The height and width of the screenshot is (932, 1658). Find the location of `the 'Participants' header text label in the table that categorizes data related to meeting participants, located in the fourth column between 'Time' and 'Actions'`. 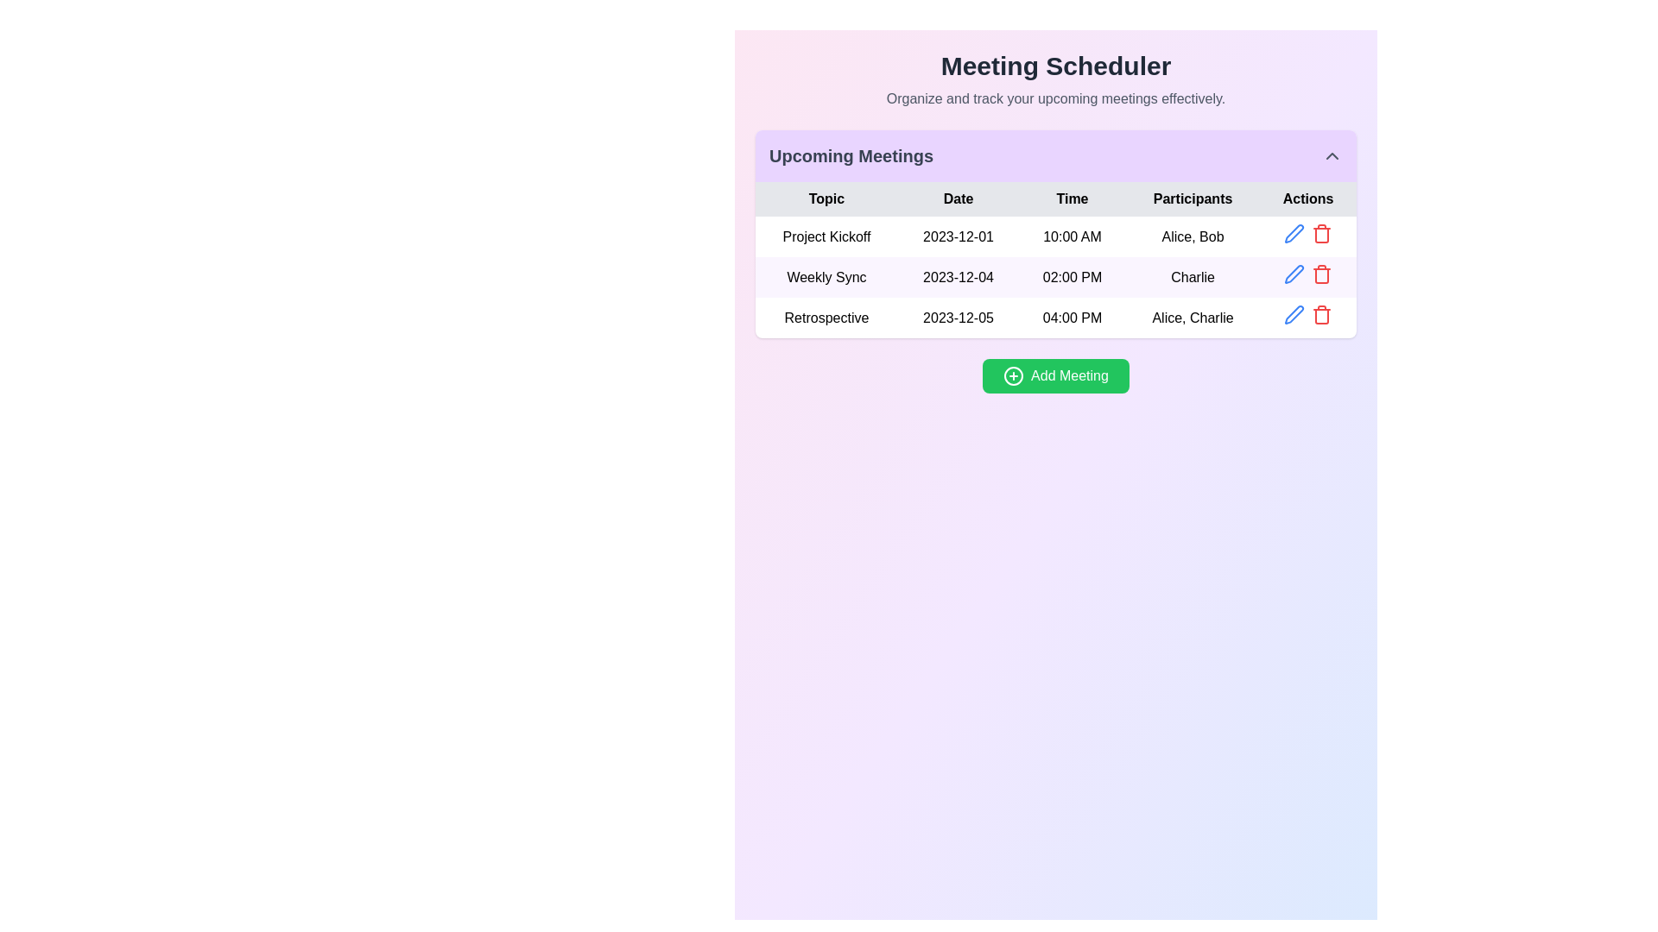

the 'Participants' header text label in the table that categorizes data related to meeting participants, located in the fourth column between 'Time' and 'Actions' is located at coordinates (1192, 198).